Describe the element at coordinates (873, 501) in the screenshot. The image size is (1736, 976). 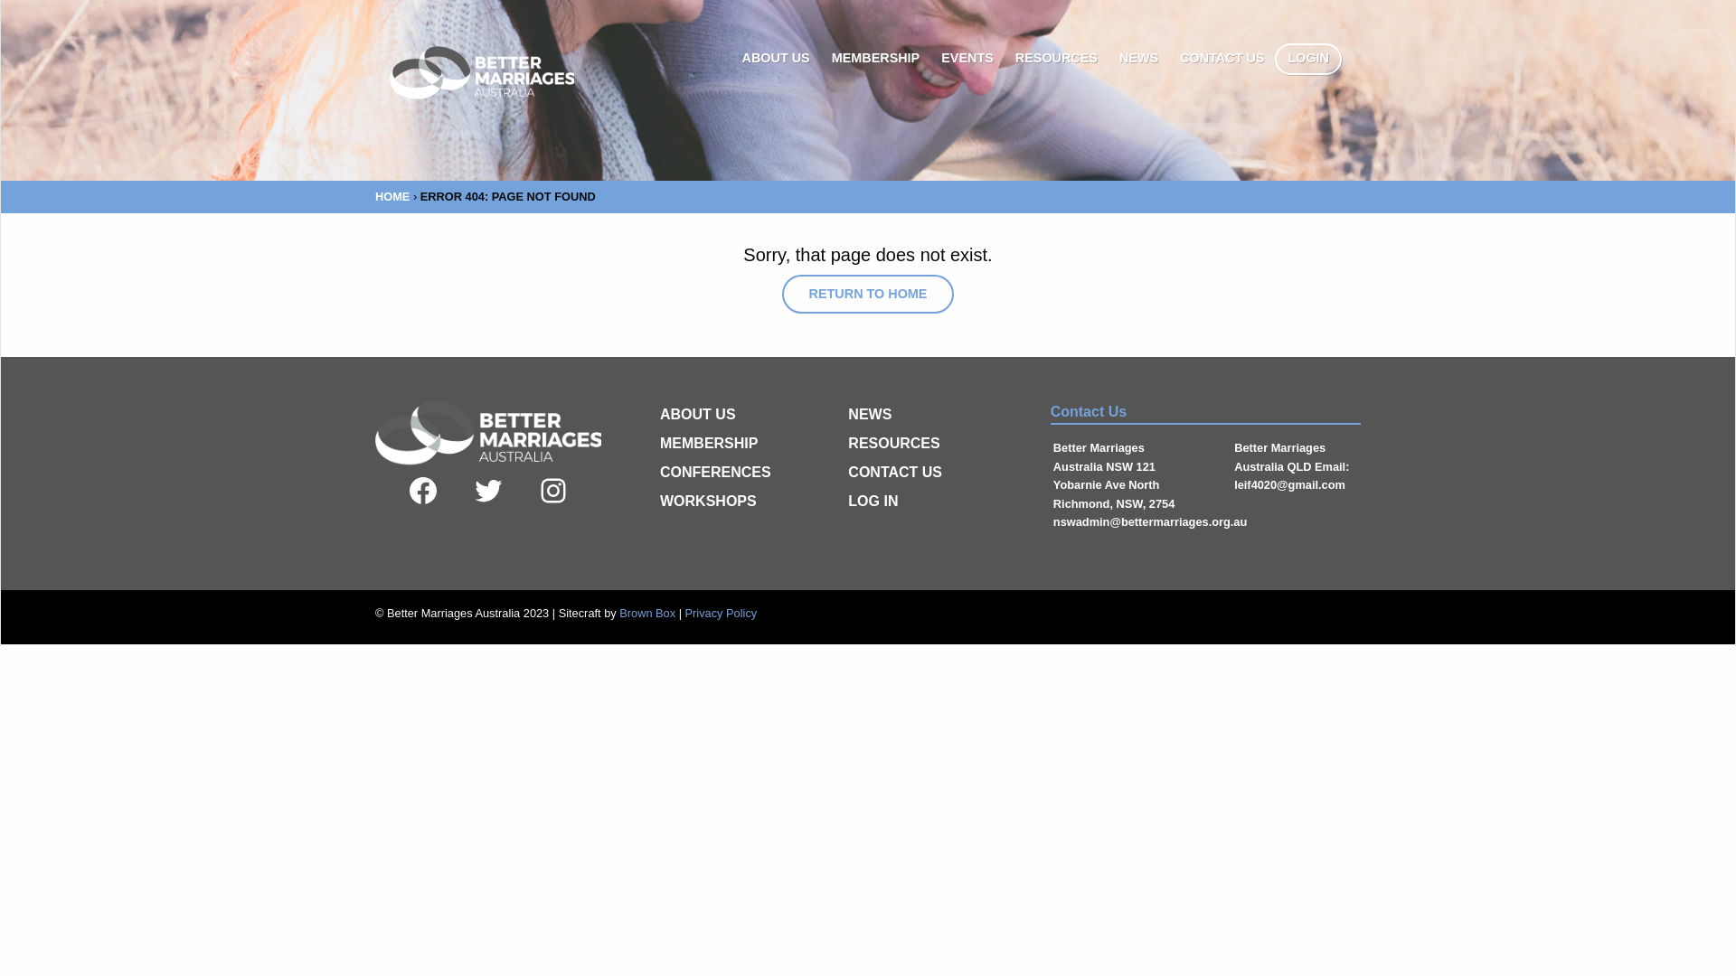
I see `'LOG IN'` at that location.